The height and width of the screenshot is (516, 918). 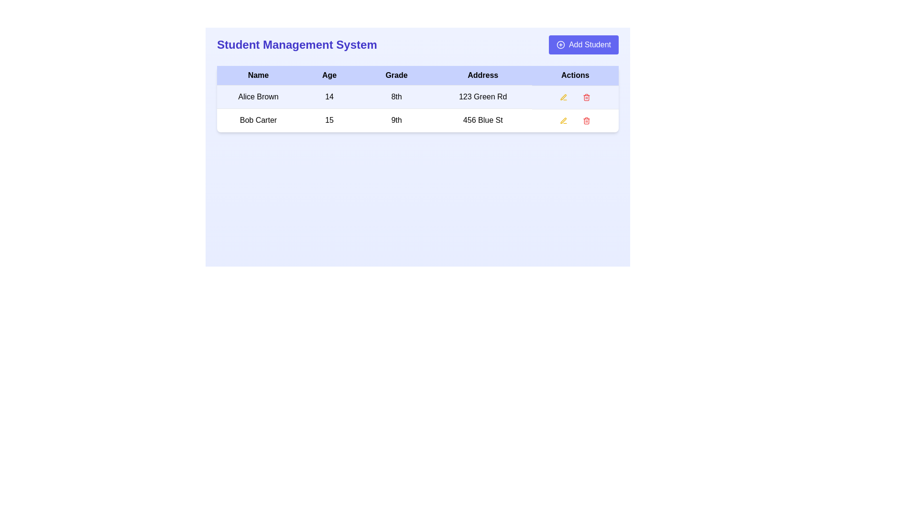 I want to click on the delete icon button located in the 'Actions' column of the second row in the 'Student Management System' table, so click(x=586, y=120).